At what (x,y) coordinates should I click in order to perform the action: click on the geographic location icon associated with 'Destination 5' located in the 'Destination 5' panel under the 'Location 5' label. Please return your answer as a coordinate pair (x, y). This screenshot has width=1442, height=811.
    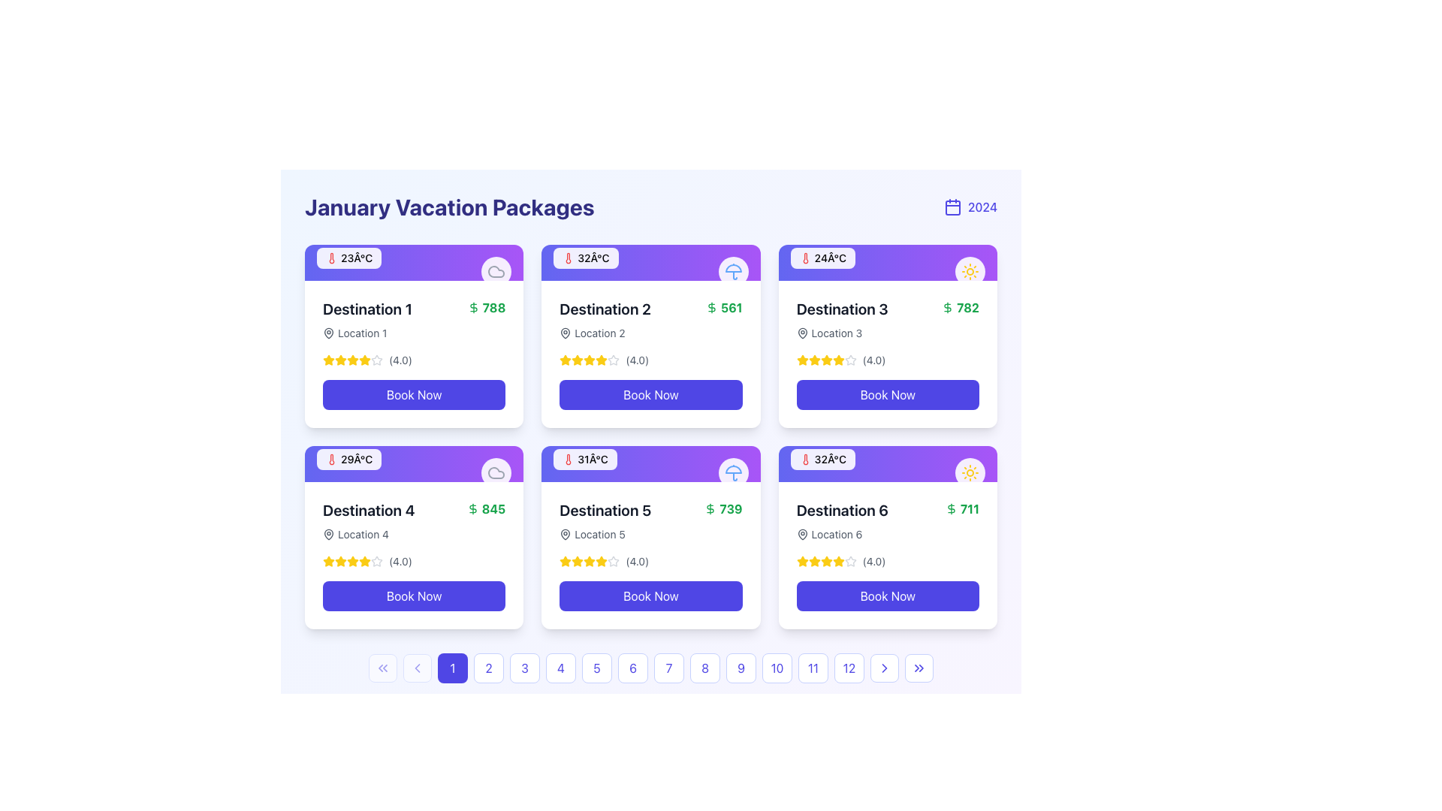
    Looking at the image, I should click on (565, 534).